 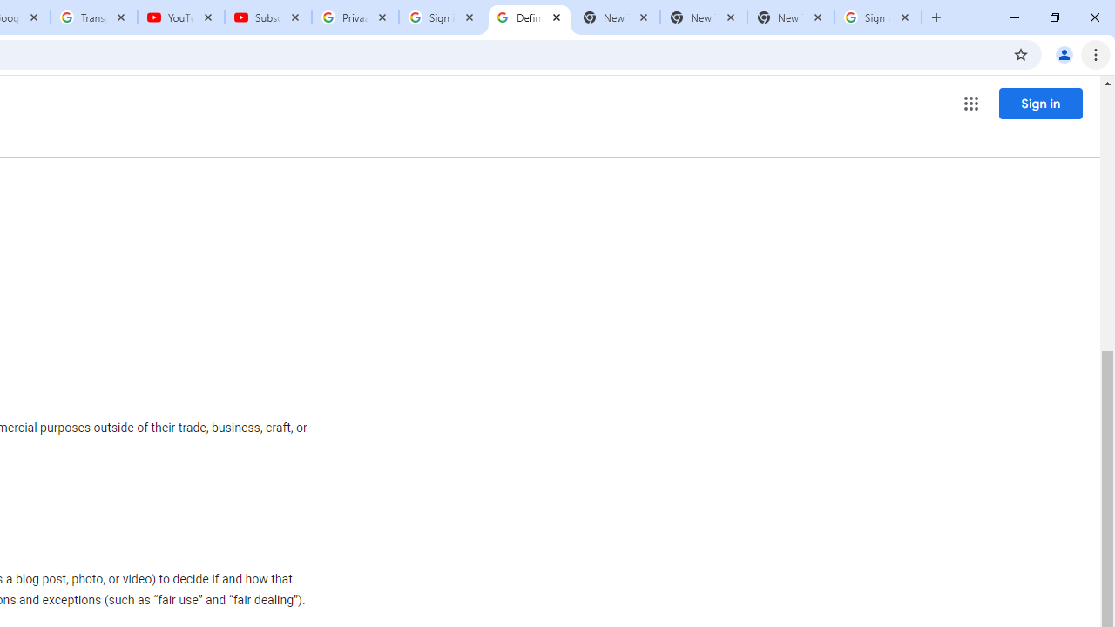 I want to click on 'YouTube', so click(x=181, y=17).